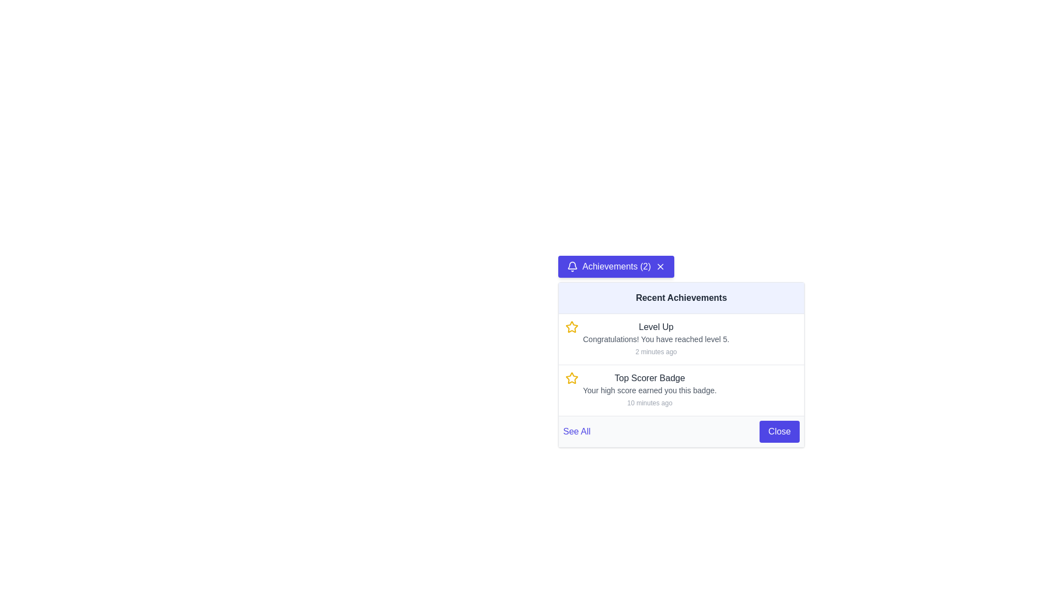  I want to click on text element displaying 'Level Up' in dark-gray font located in the notification box under 'Recent Achievements', so click(656, 326).